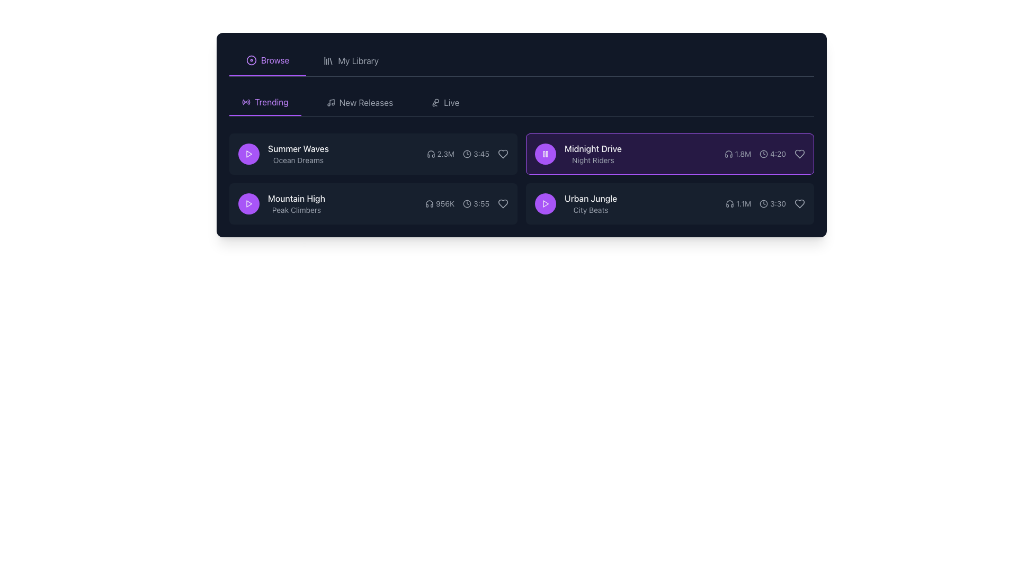 The width and height of the screenshot is (1017, 572). What do you see at coordinates (800, 154) in the screenshot?
I see `the heart-shaped 'favorite' icon for the song 'Midnight Drive' by 'Night Riders' to change its color state to purple` at bounding box center [800, 154].